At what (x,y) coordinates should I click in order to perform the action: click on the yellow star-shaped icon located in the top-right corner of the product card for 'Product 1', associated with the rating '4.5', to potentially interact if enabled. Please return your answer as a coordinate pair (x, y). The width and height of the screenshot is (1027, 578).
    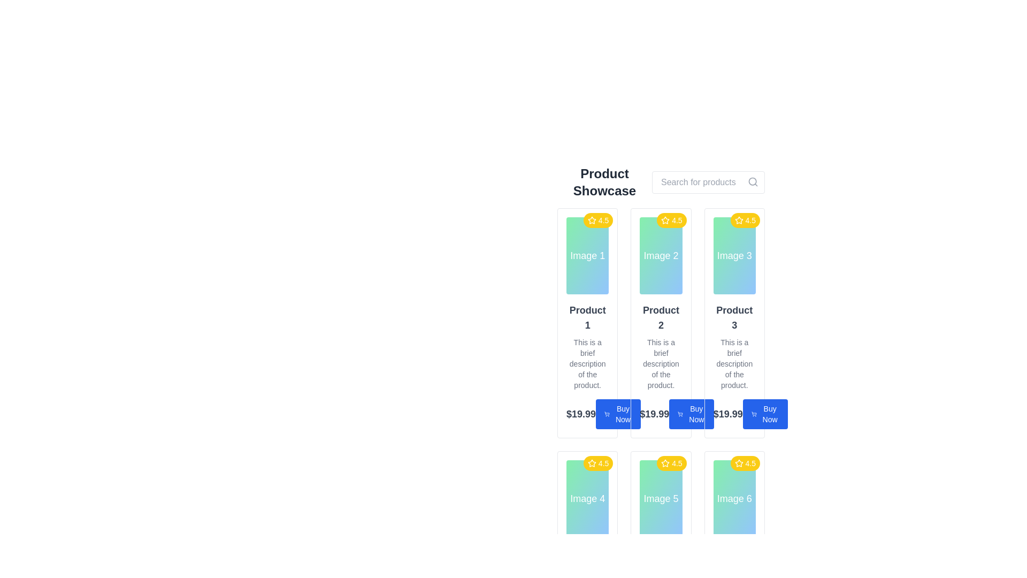
    Looking at the image, I should click on (591, 220).